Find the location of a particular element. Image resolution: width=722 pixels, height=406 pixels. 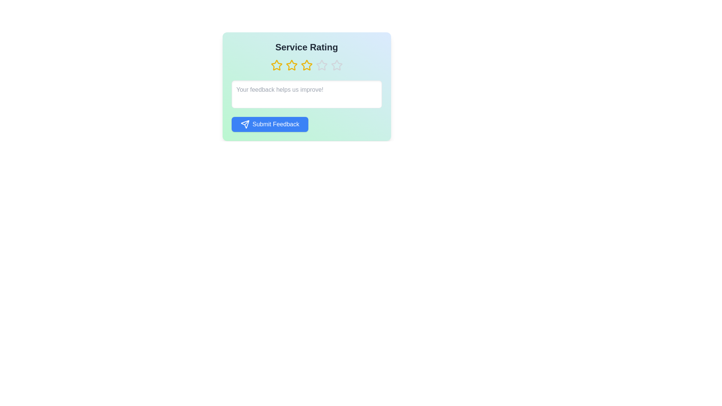

the paper airplane icon located within the blue 'Submit Feedback' button, which is centered towards the bottom of the feedback form is located at coordinates (245, 124).